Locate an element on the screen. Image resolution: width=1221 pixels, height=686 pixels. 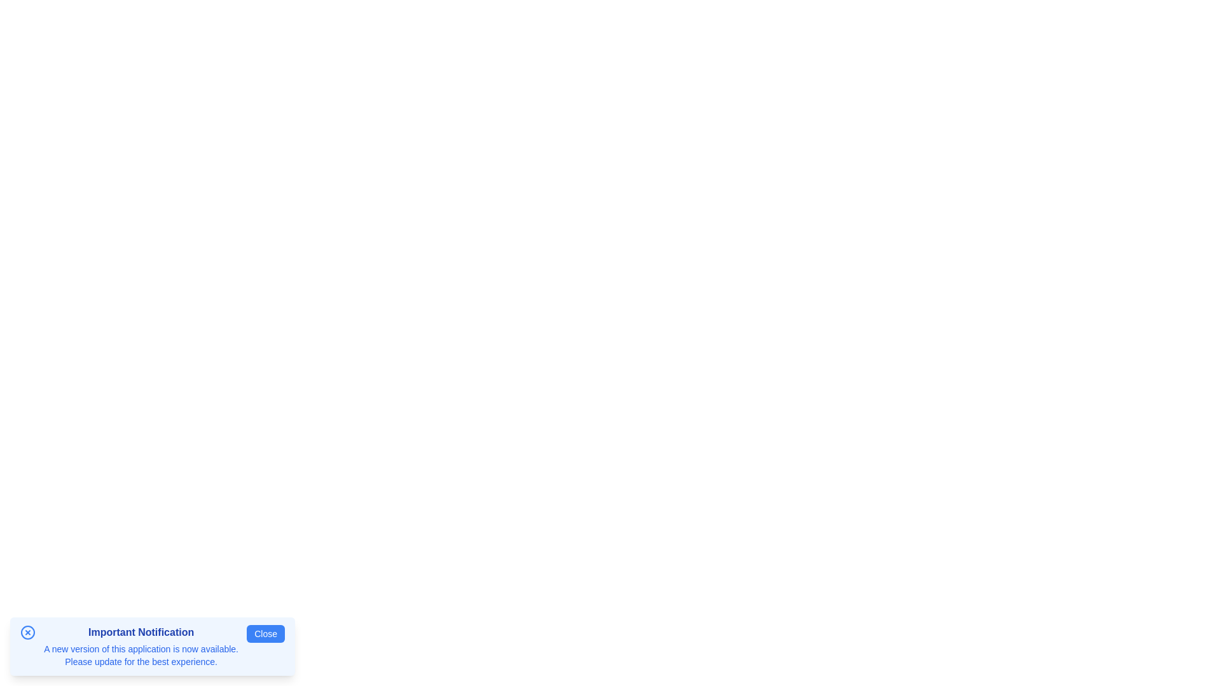
the close button to dismiss the snackbar is located at coordinates (265, 634).